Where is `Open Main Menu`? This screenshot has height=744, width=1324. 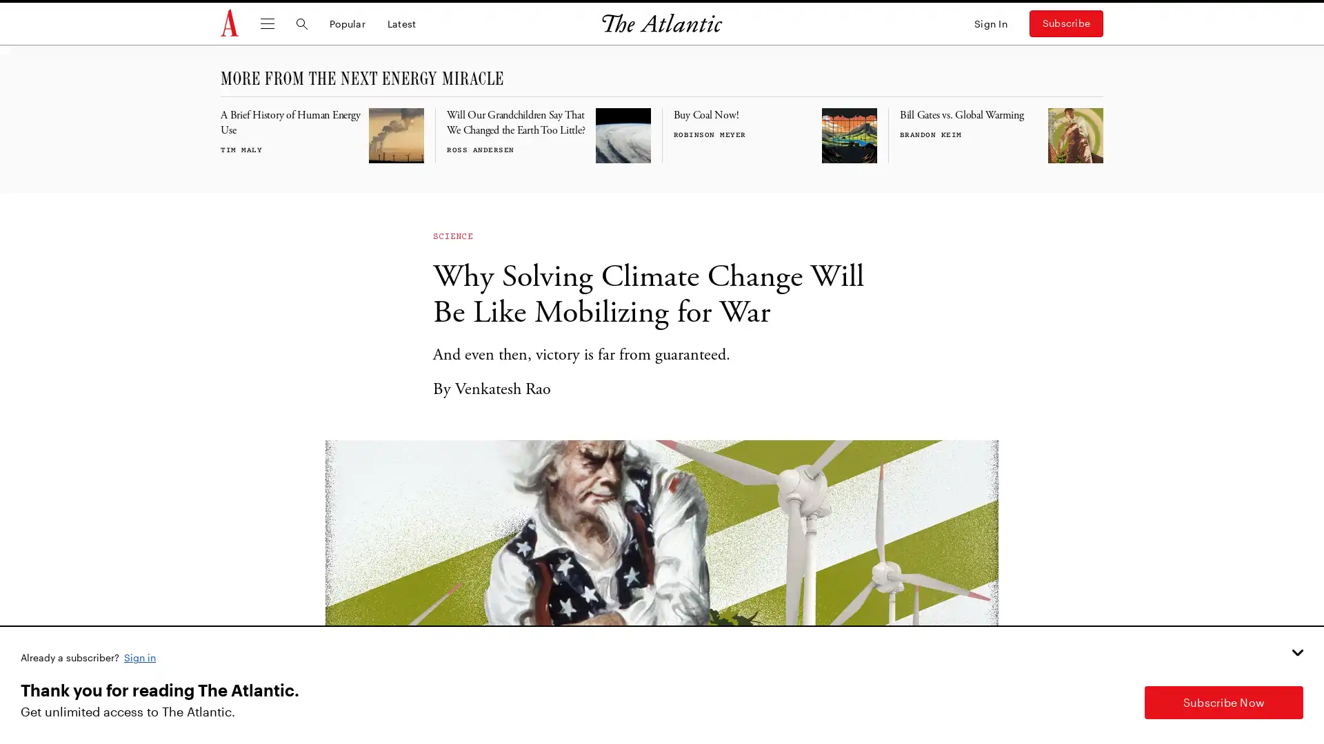
Open Main Menu is located at coordinates (268, 23).